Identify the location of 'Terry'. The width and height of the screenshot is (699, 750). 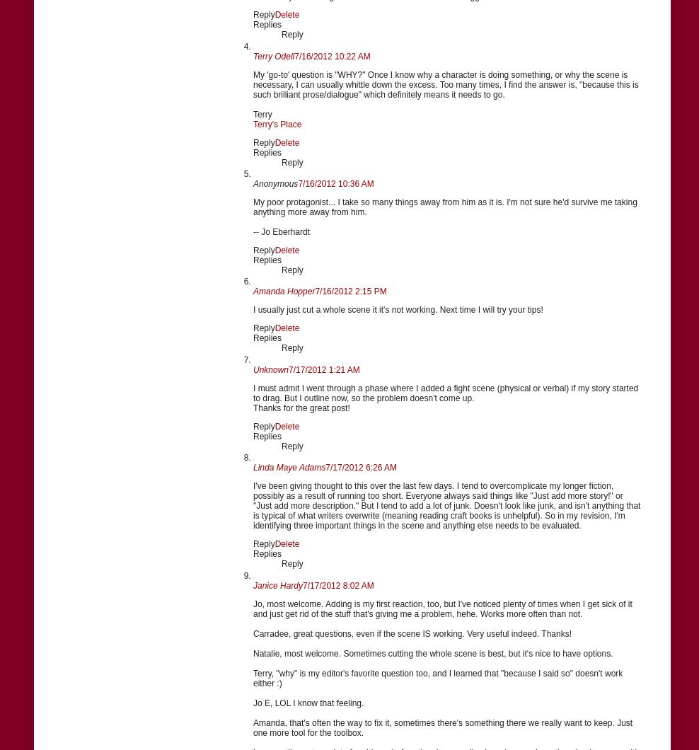
(253, 113).